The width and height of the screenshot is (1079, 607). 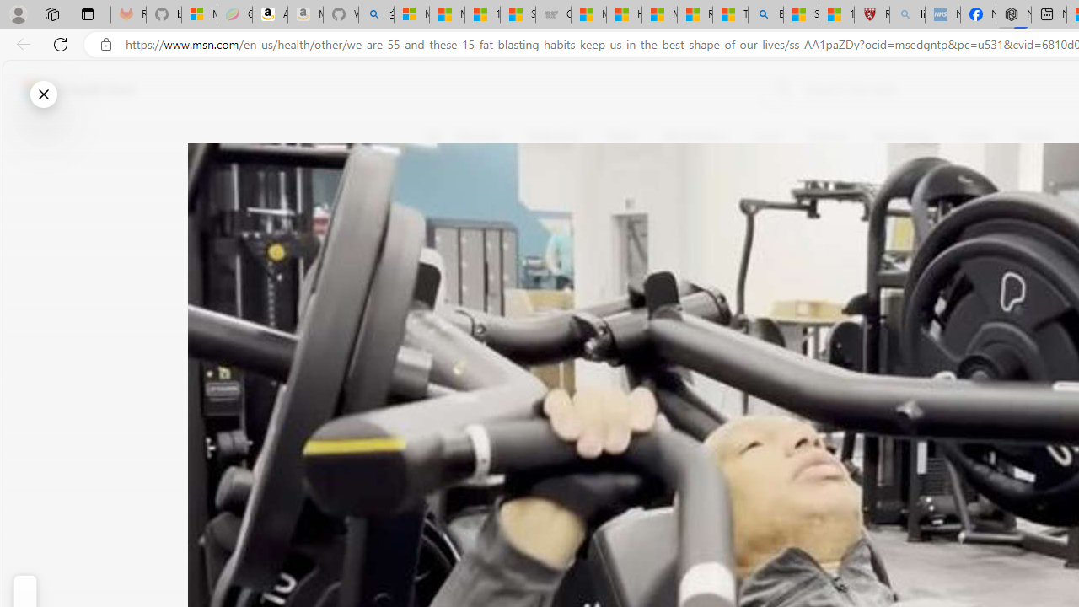 I want to click on 'Robert H. Shmerling, MD - Harvard Health', so click(x=872, y=14).